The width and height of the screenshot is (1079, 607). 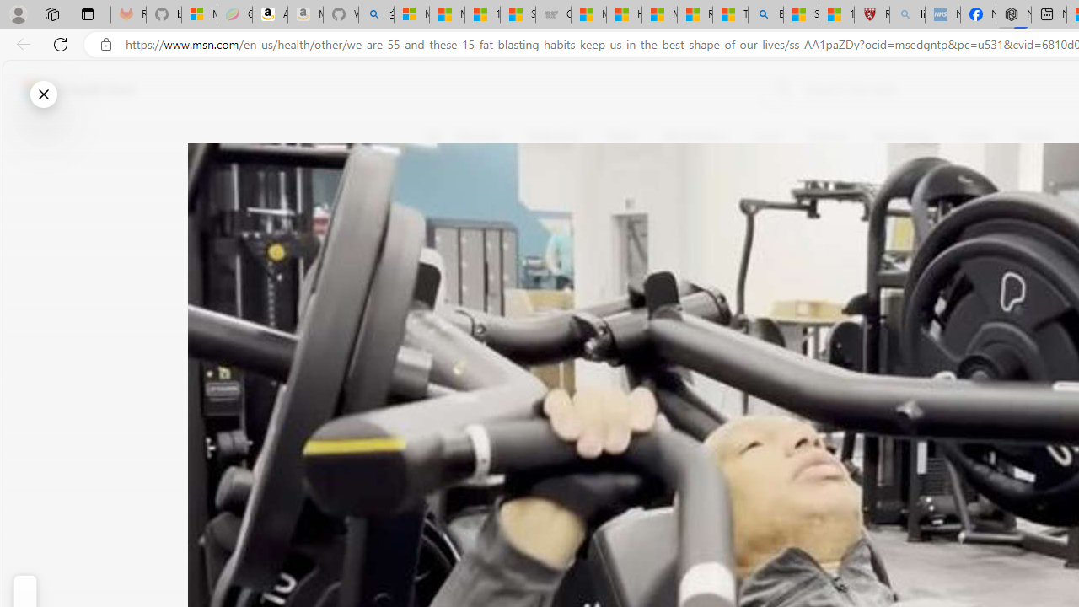 I want to click on 'Robert H. Shmerling, MD - Harvard Health', so click(x=872, y=14).